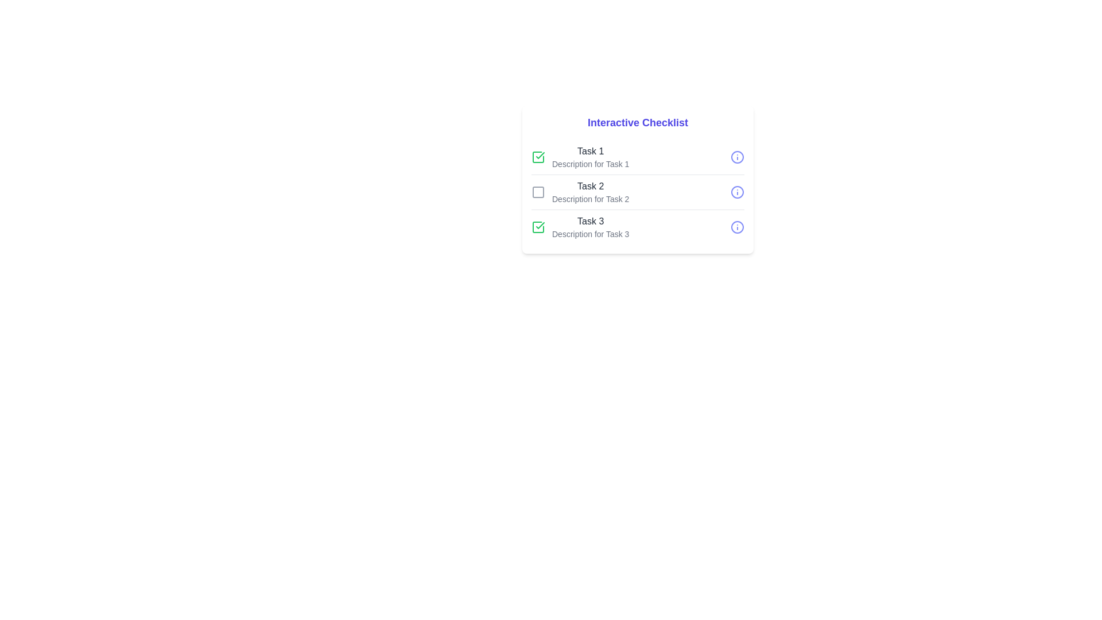 This screenshot has height=620, width=1102. I want to click on the information icon next to Task 2, so click(738, 192).